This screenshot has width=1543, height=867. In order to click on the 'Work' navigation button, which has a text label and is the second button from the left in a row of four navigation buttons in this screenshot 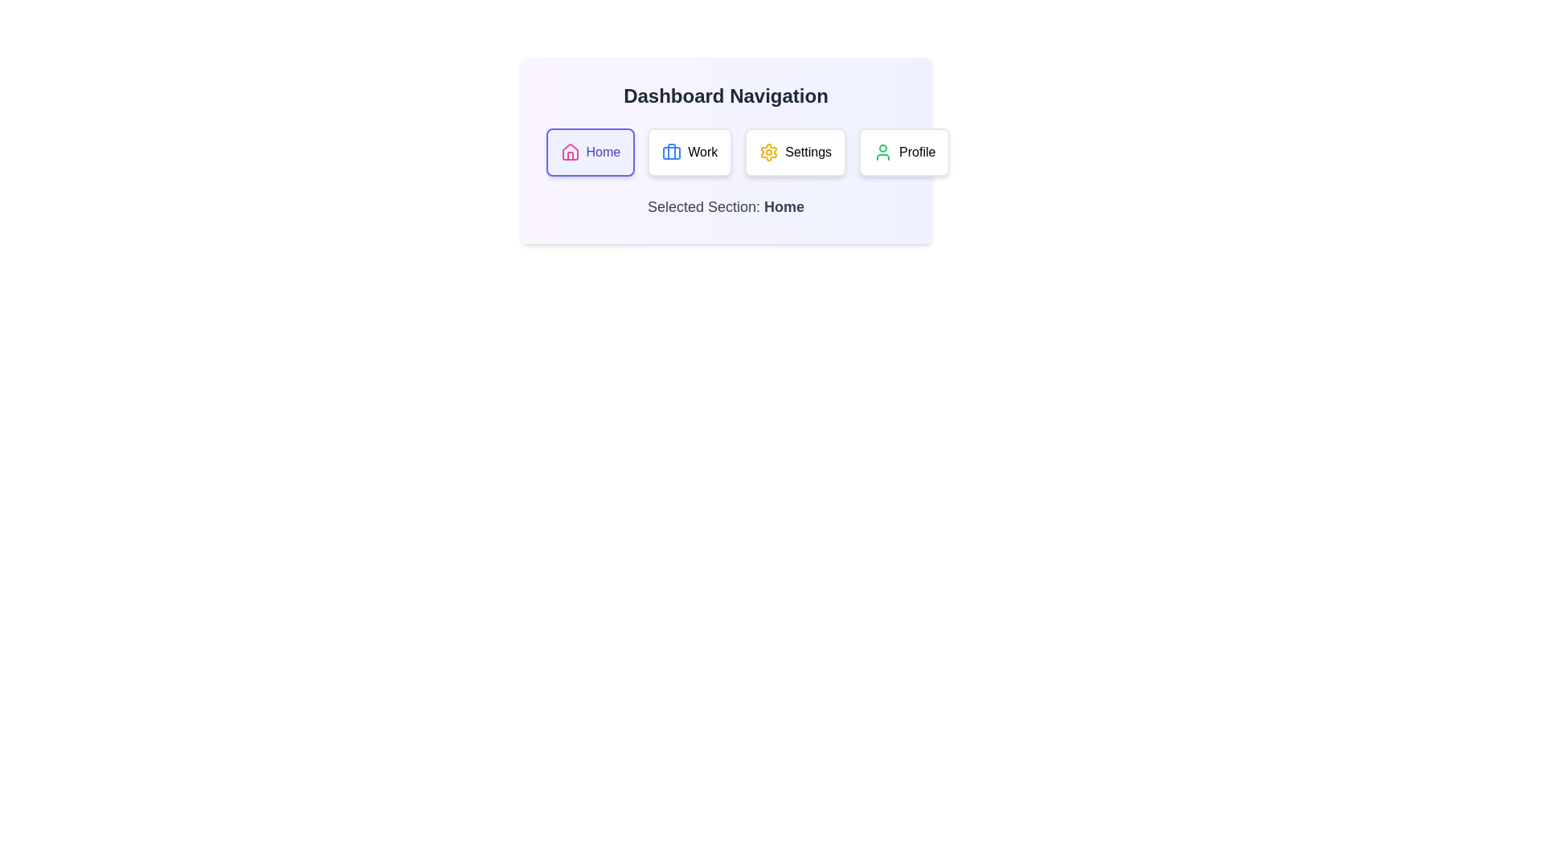, I will do `click(702, 152)`.